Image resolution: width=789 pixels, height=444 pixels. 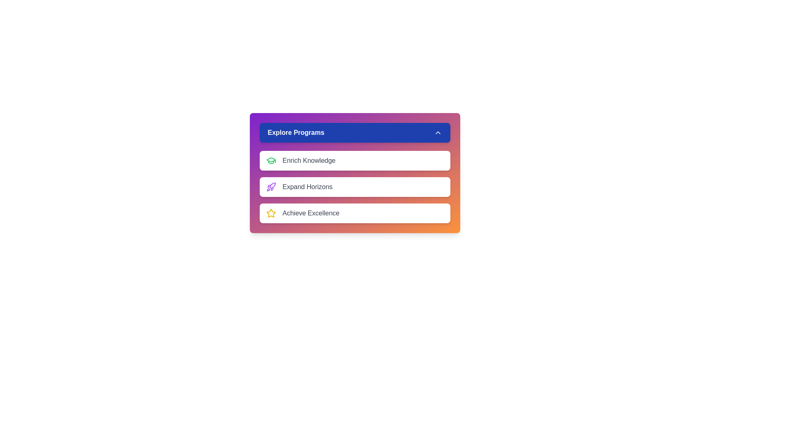 I want to click on the polygonal cap portion of the graduation cap icon, which is depicted with a black stroke and is located to the left of the 'Enrich Knowledge' label, so click(x=271, y=160).